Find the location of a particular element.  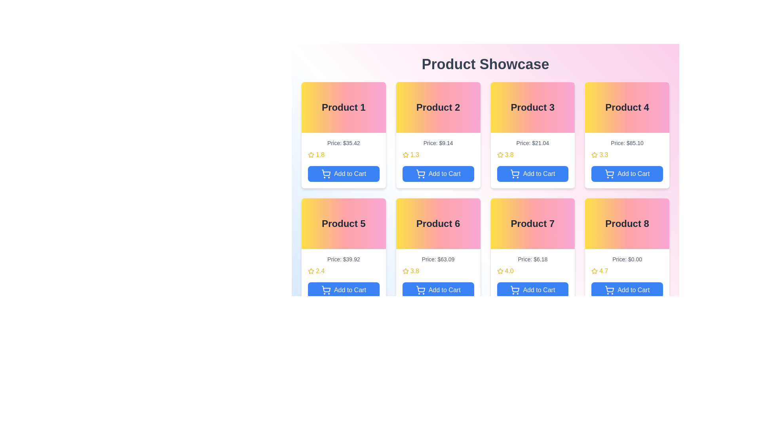

the bold text label stating 'Product 1' which is centrally positioned in the first card of the 'Product Showcase' section is located at coordinates (344, 108).